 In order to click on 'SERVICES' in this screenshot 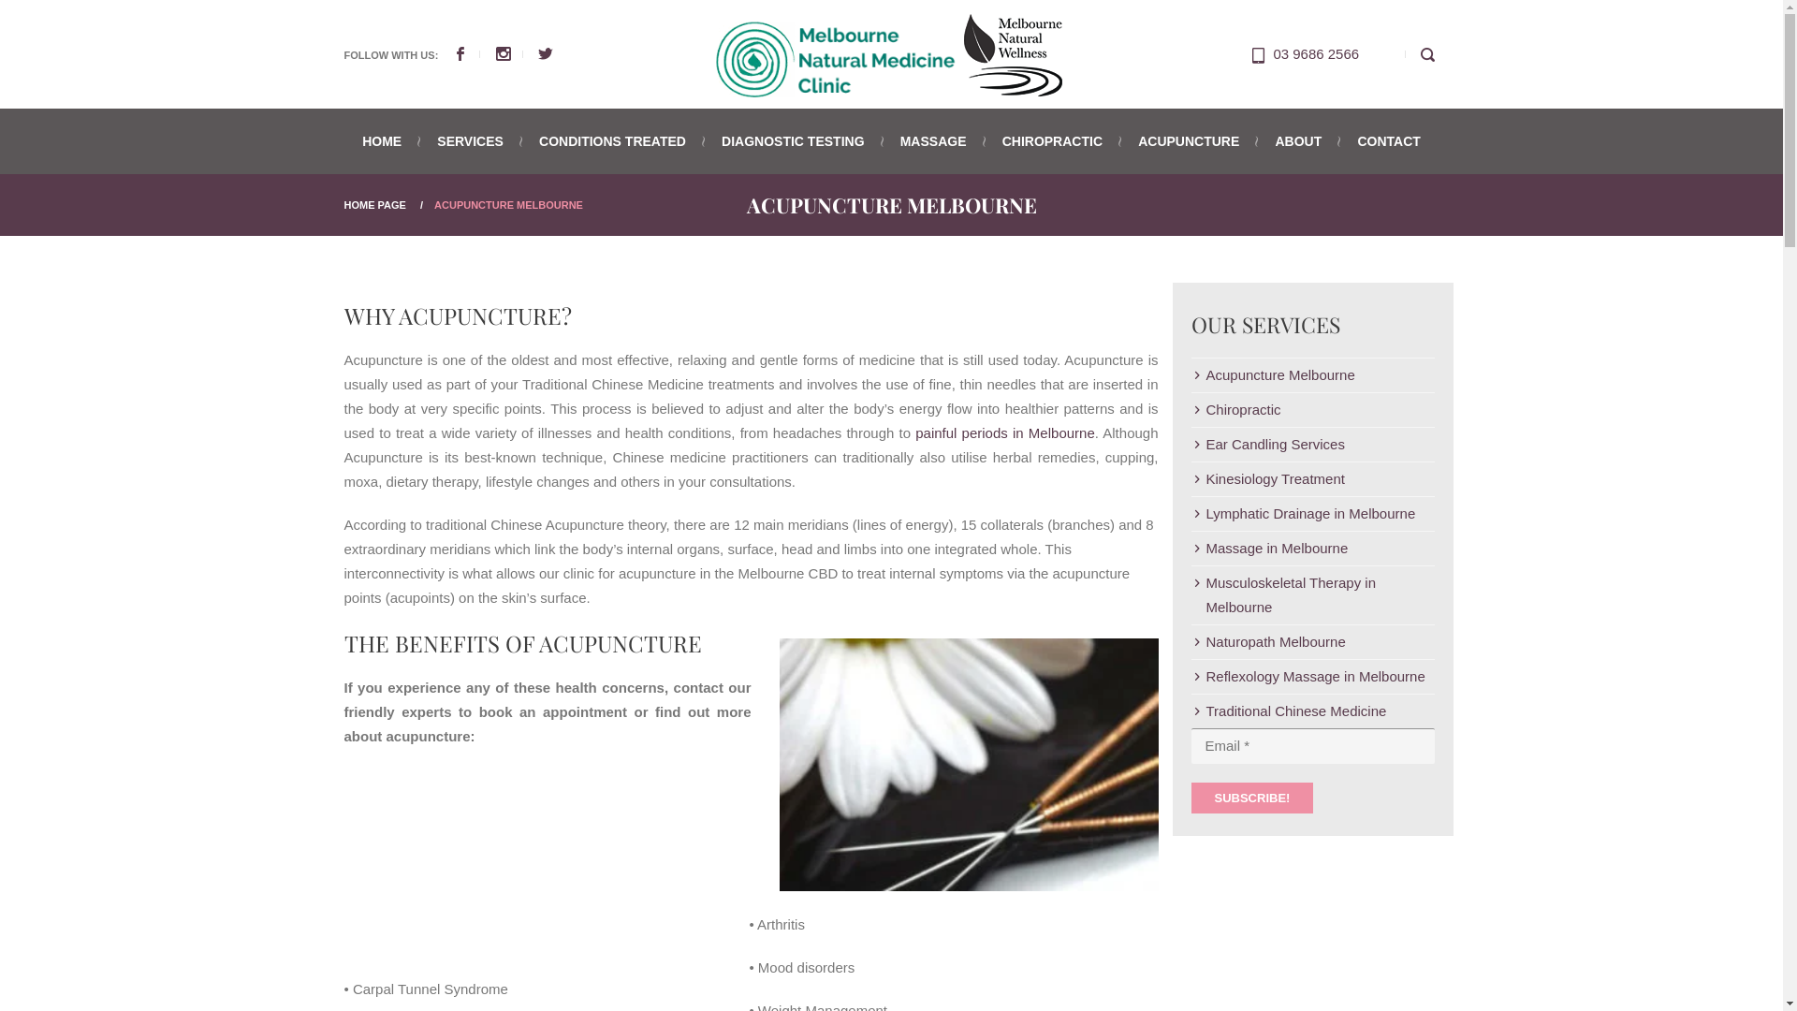, I will do `click(420, 139)`.